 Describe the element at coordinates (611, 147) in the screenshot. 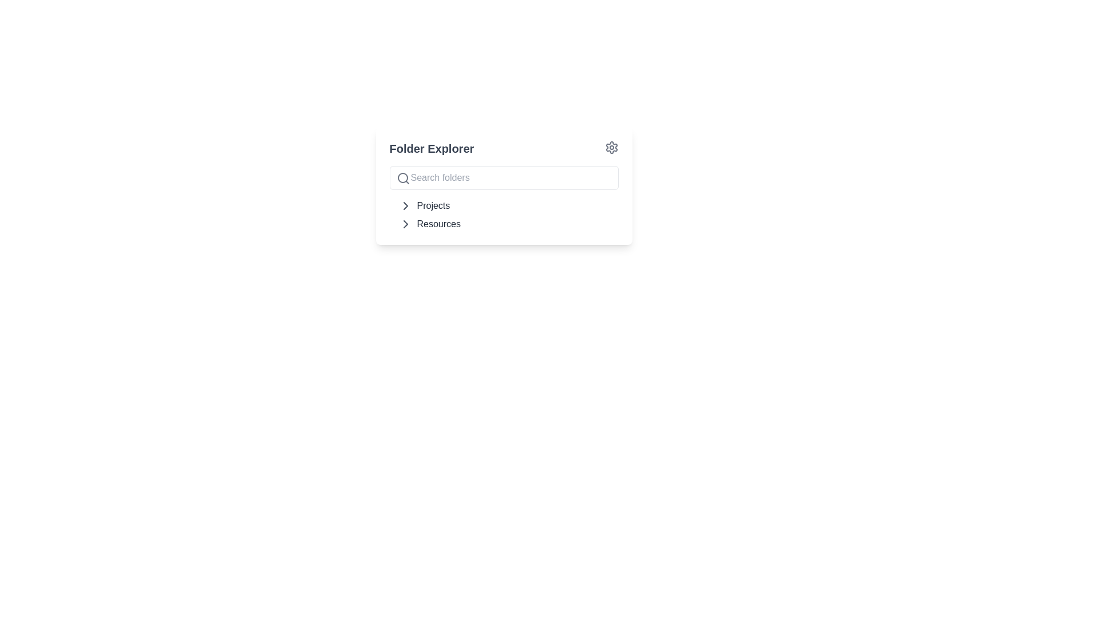

I see `the settings icon button located in the top-right corner of the 'Folder Explorer' section` at that location.